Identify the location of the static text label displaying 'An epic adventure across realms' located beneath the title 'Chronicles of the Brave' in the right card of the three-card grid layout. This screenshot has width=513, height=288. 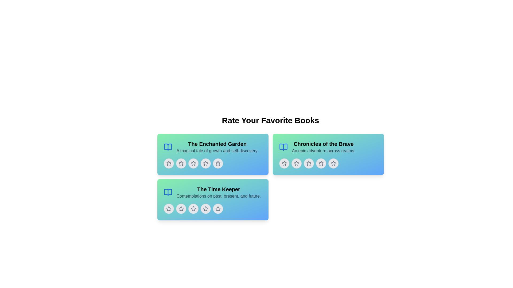
(323, 151).